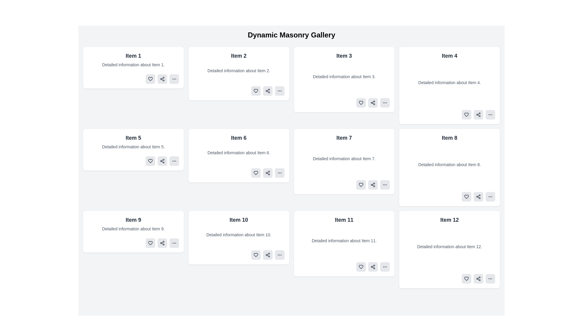 The image size is (572, 321). What do you see at coordinates (133, 65) in the screenshot?
I see `the supplementary information text located beneath the main heading 'Item 1' in the first card of the grid layout` at bounding box center [133, 65].